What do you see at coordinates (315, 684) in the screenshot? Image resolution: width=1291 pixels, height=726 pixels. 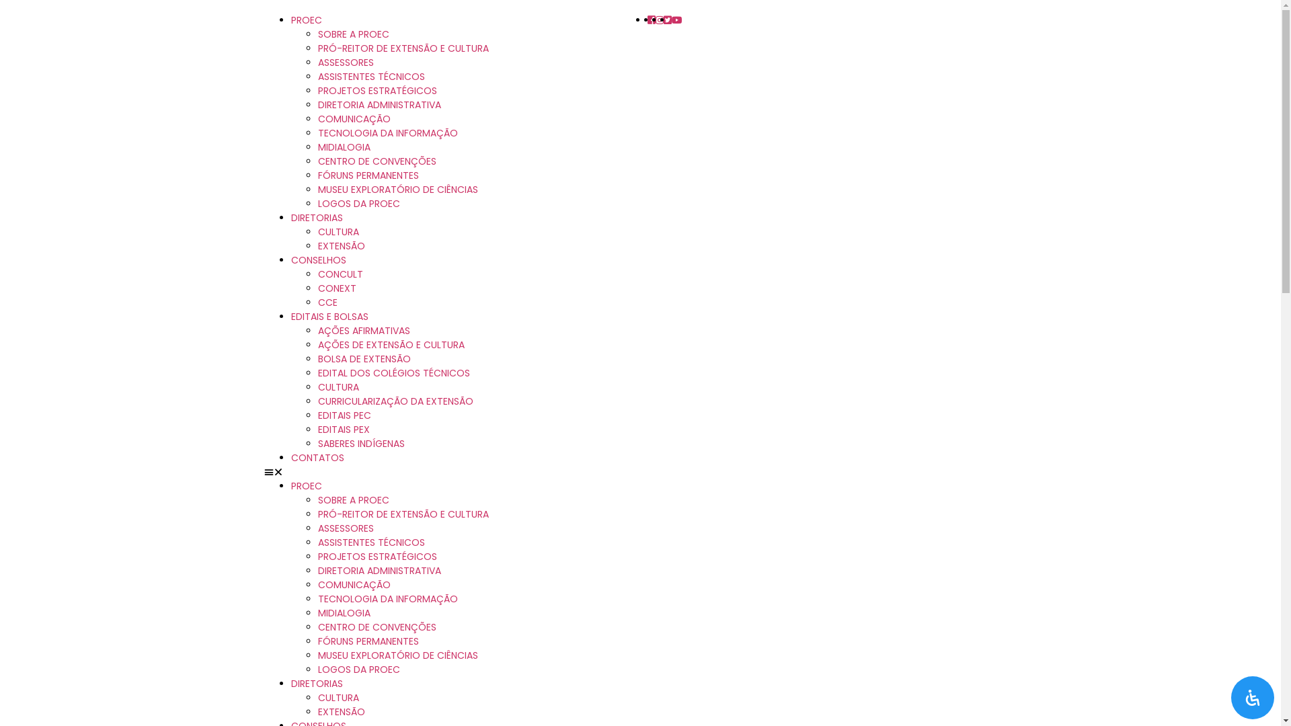 I see `'DIRETORIAS'` at bounding box center [315, 684].